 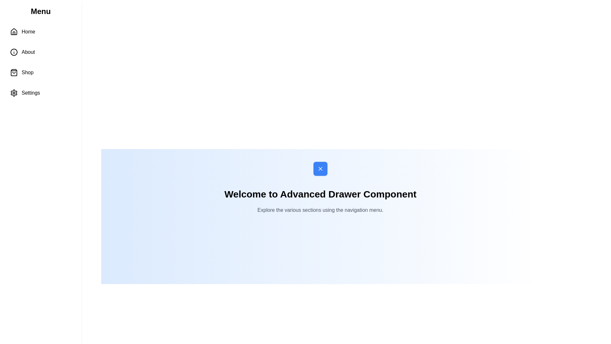 I want to click on the 'Shop' text label in the vertical navigation menu, so click(x=27, y=72).